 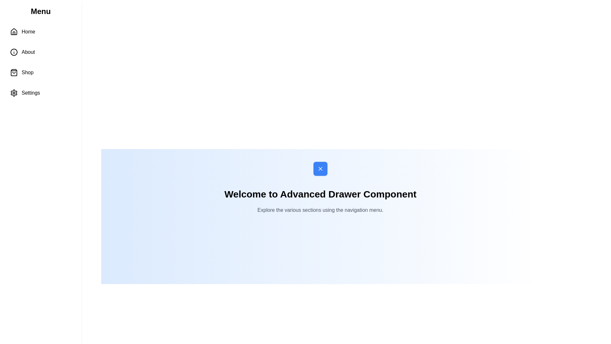 I want to click on the 'Shop' text label in the vertical navigation menu, so click(x=27, y=72).